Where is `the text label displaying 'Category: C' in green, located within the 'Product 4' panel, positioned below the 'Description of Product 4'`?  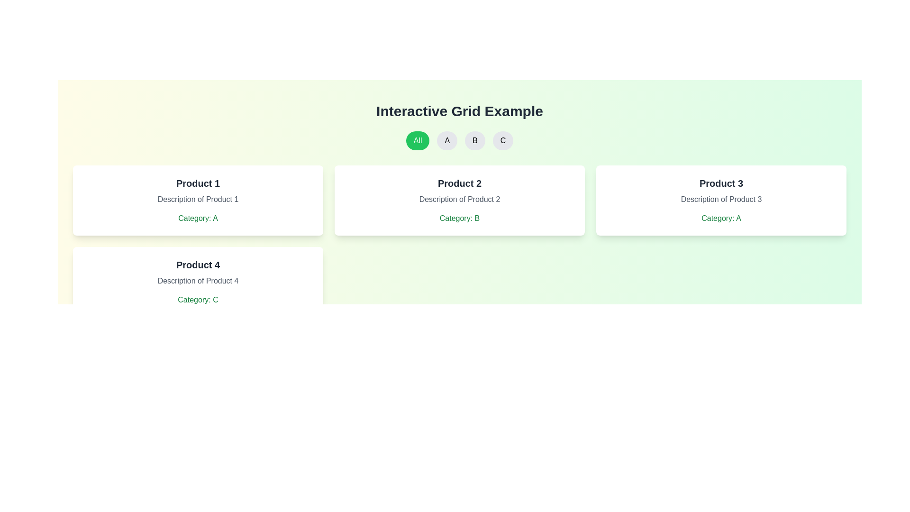 the text label displaying 'Category: C' in green, located within the 'Product 4' panel, positioned below the 'Description of Product 4' is located at coordinates (197, 300).